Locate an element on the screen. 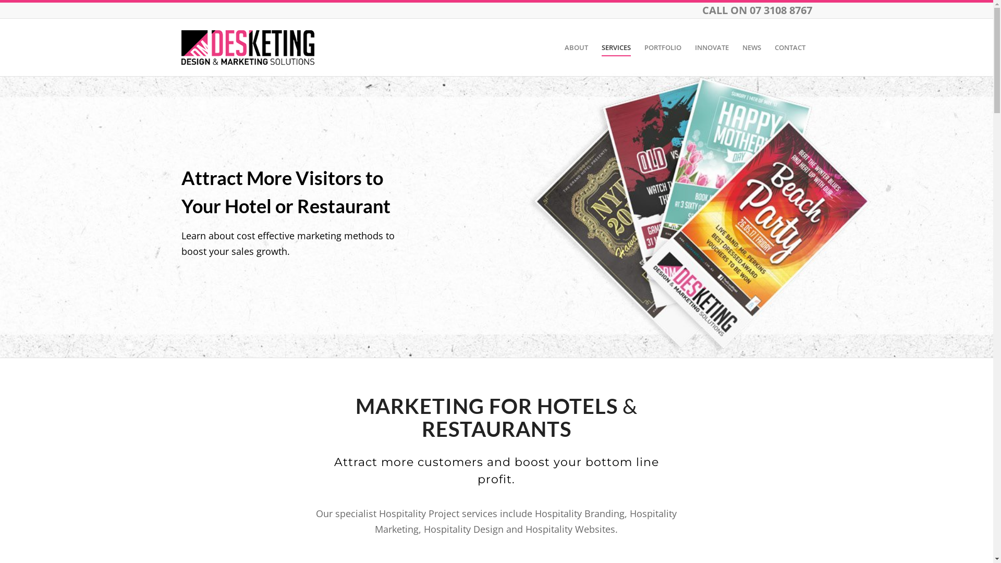 This screenshot has width=1001, height=563. 'CONTACT' is located at coordinates (789, 47).